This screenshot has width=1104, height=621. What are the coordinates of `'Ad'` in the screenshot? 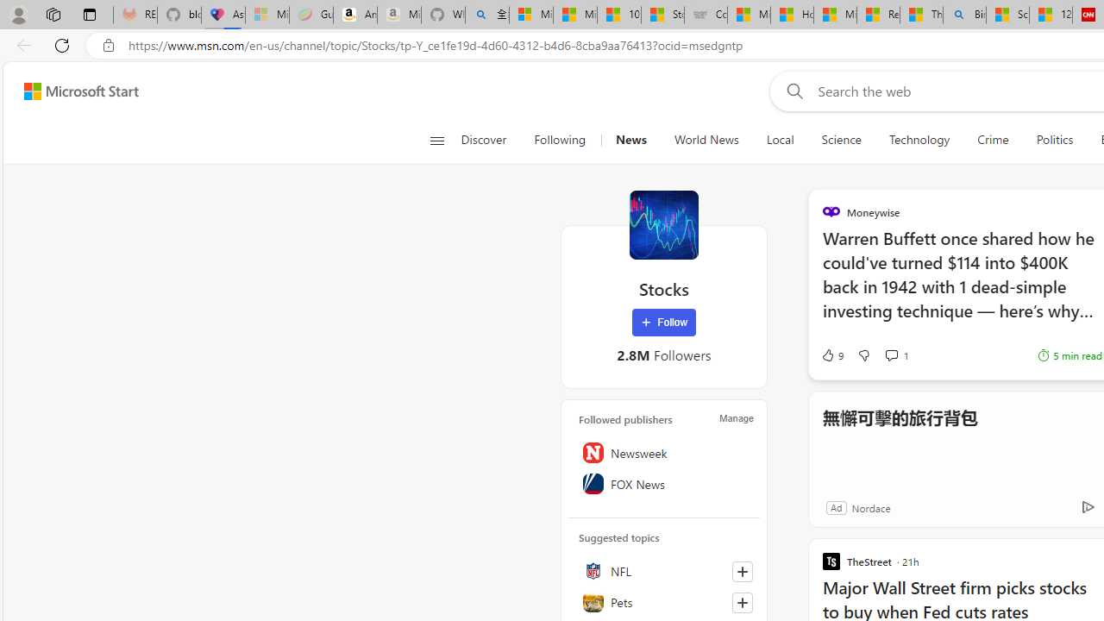 It's located at (836, 506).